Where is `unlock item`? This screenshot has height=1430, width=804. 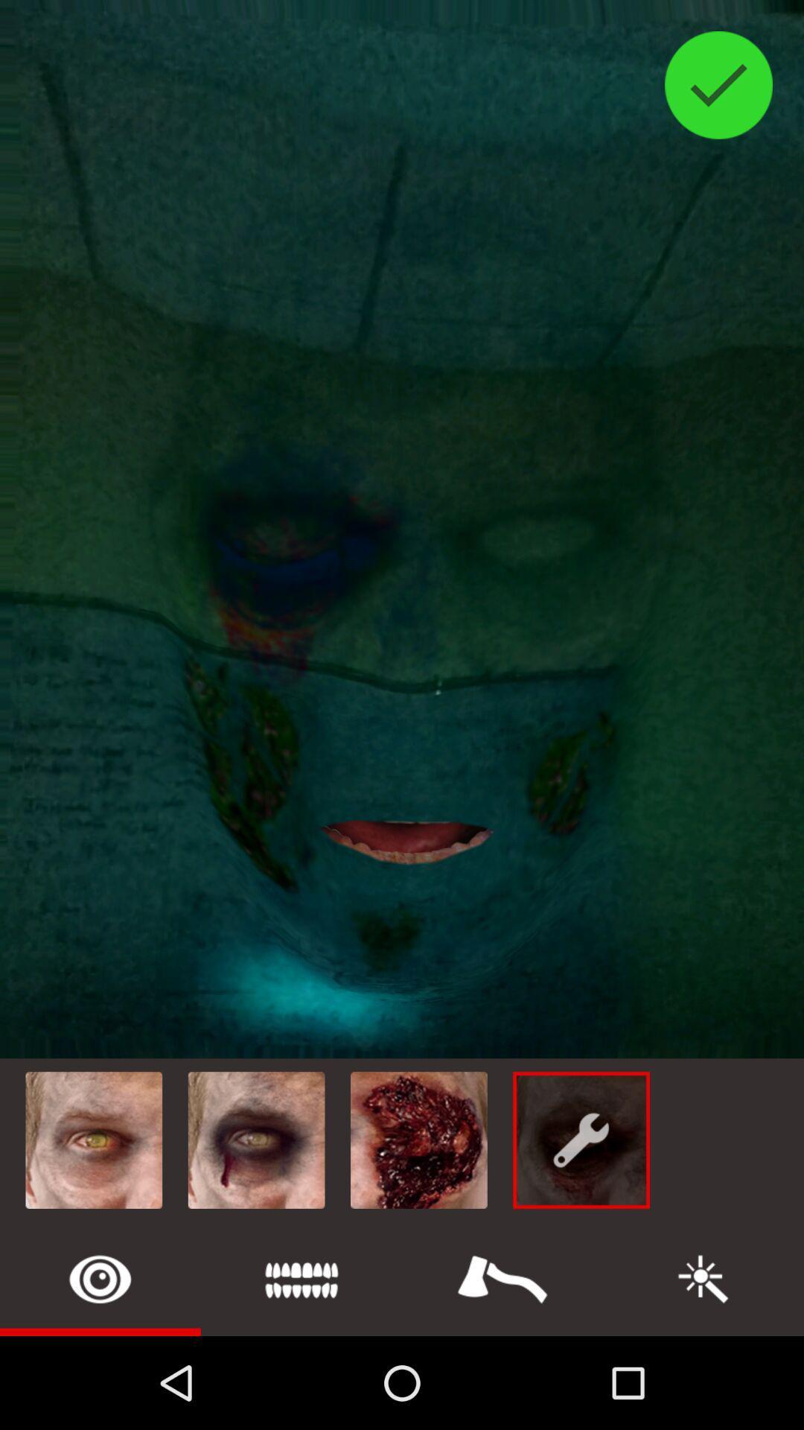 unlock item is located at coordinates (100, 1278).